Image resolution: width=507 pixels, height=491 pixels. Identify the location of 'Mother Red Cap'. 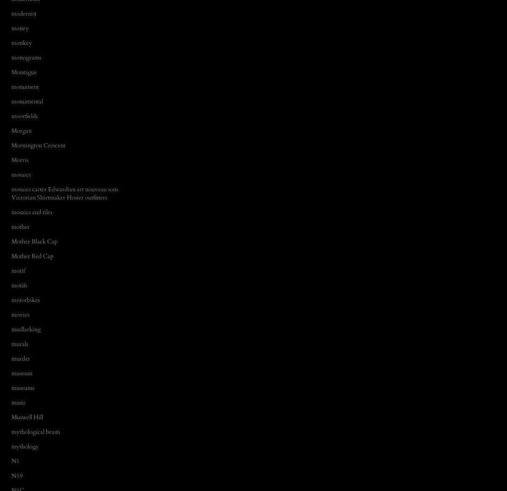
(11, 256).